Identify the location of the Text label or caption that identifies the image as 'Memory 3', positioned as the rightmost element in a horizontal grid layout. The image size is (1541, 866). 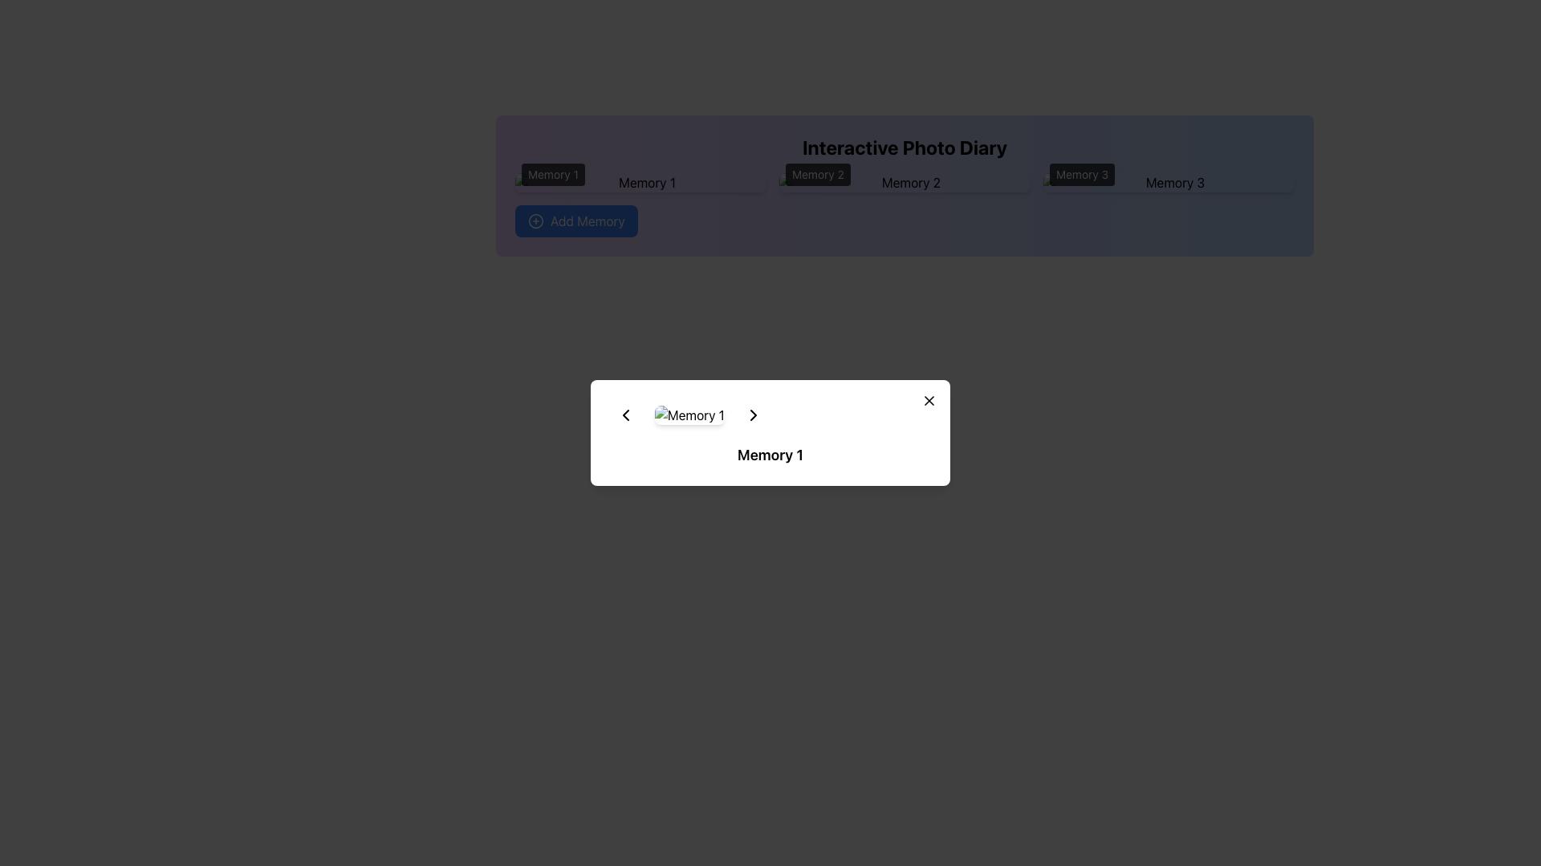
(1169, 181).